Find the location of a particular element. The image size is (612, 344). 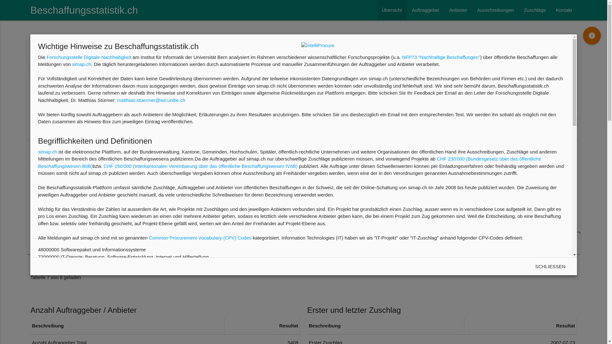

'Beschaffungsstatistik.ch' is located at coordinates (84, 10).